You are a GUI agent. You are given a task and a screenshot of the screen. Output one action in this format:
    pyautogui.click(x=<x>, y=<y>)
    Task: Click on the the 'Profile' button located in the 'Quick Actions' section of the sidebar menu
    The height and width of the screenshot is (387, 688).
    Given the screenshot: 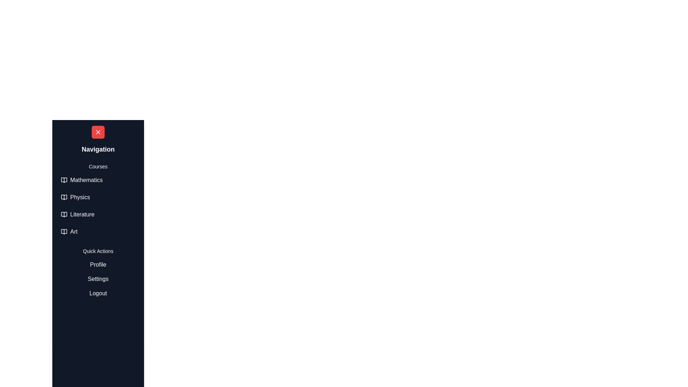 What is the action you would take?
    pyautogui.click(x=97, y=265)
    